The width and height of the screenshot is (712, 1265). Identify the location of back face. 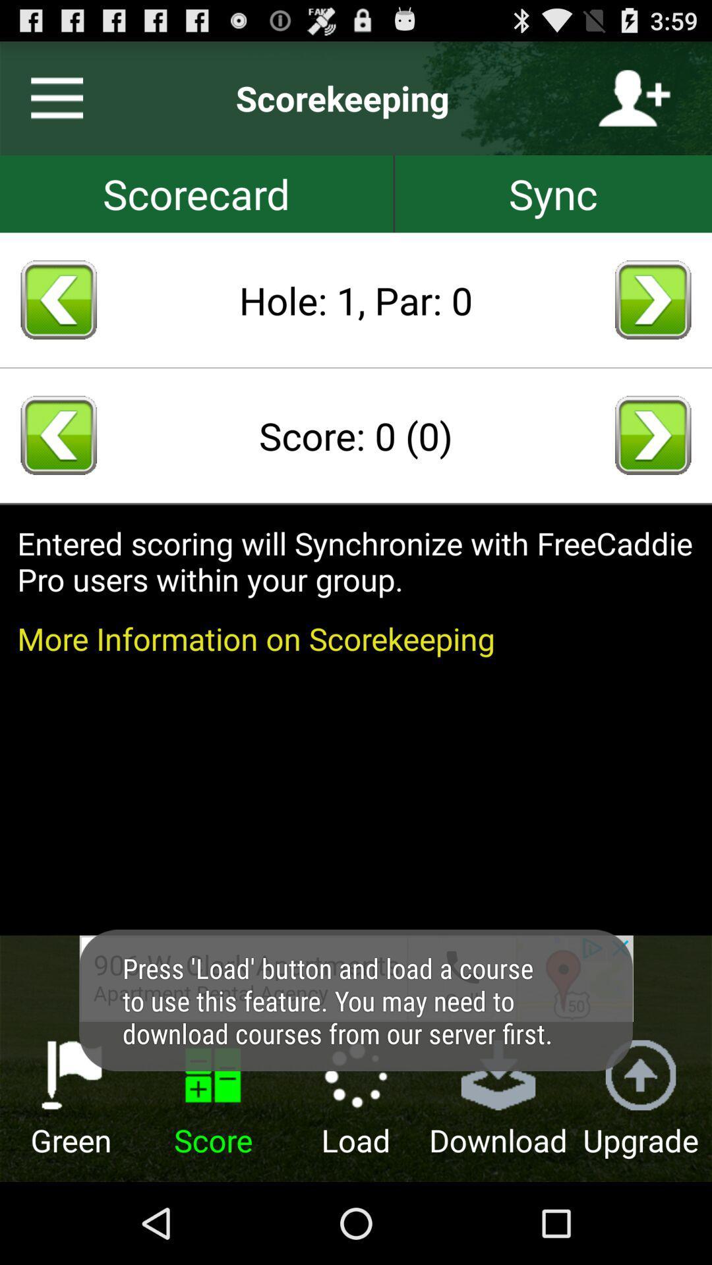
(653, 299).